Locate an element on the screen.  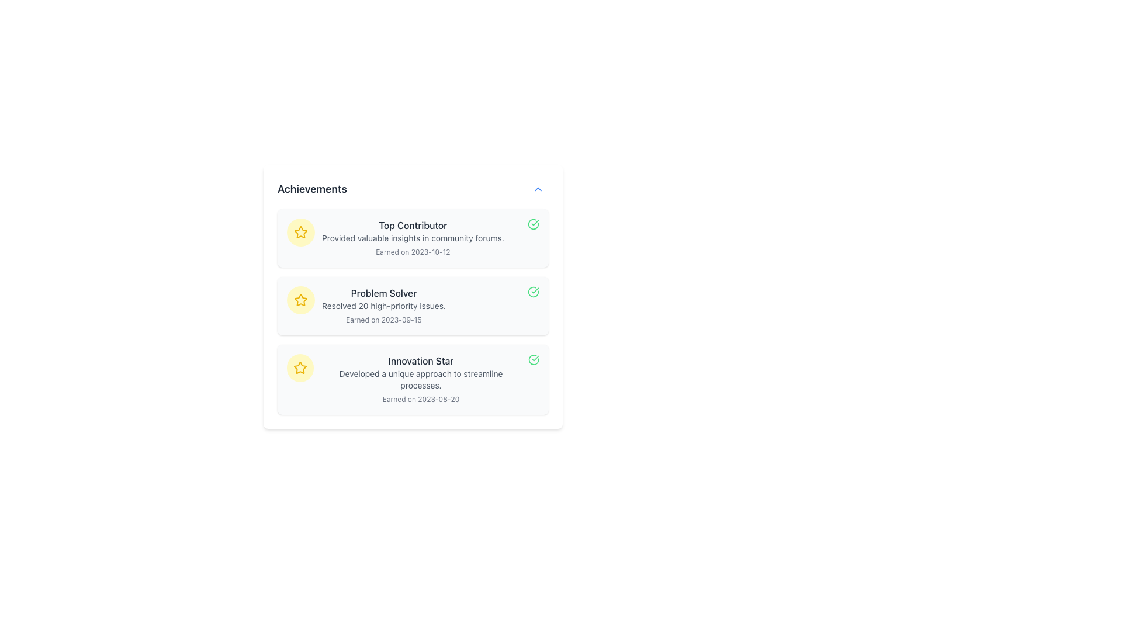
text label that displays 'Top Contributor' at the top of the Achievements section in a card-like layout is located at coordinates (413, 225).